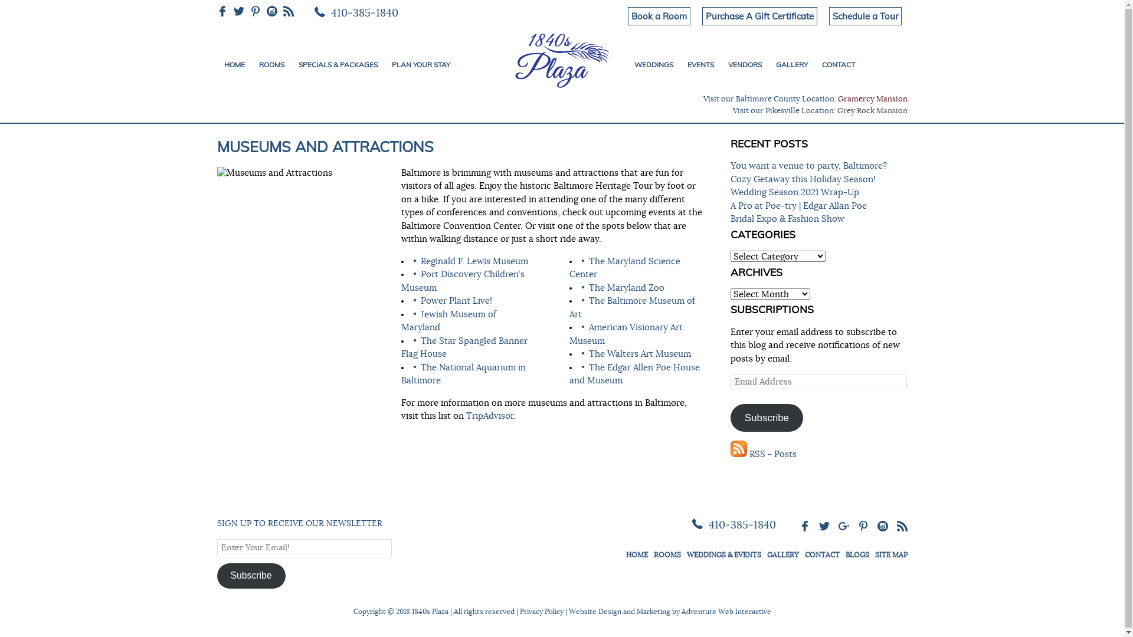 This screenshot has height=637, width=1133. What do you see at coordinates (787, 219) in the screenshot?
I see `'Bridal Expo & Fashion Show'` at bounding box center [787, 219].